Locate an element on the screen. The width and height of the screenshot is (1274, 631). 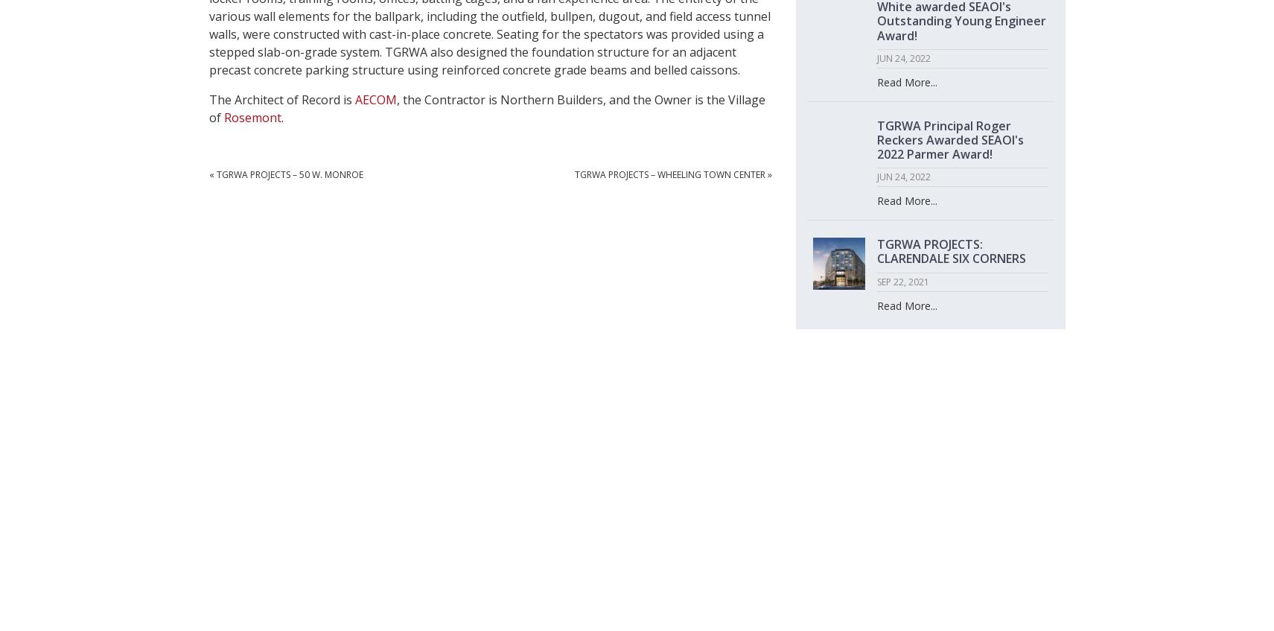
'TGRWA Projects – Wheeling Town Center' is located at coordinates (573, 174).